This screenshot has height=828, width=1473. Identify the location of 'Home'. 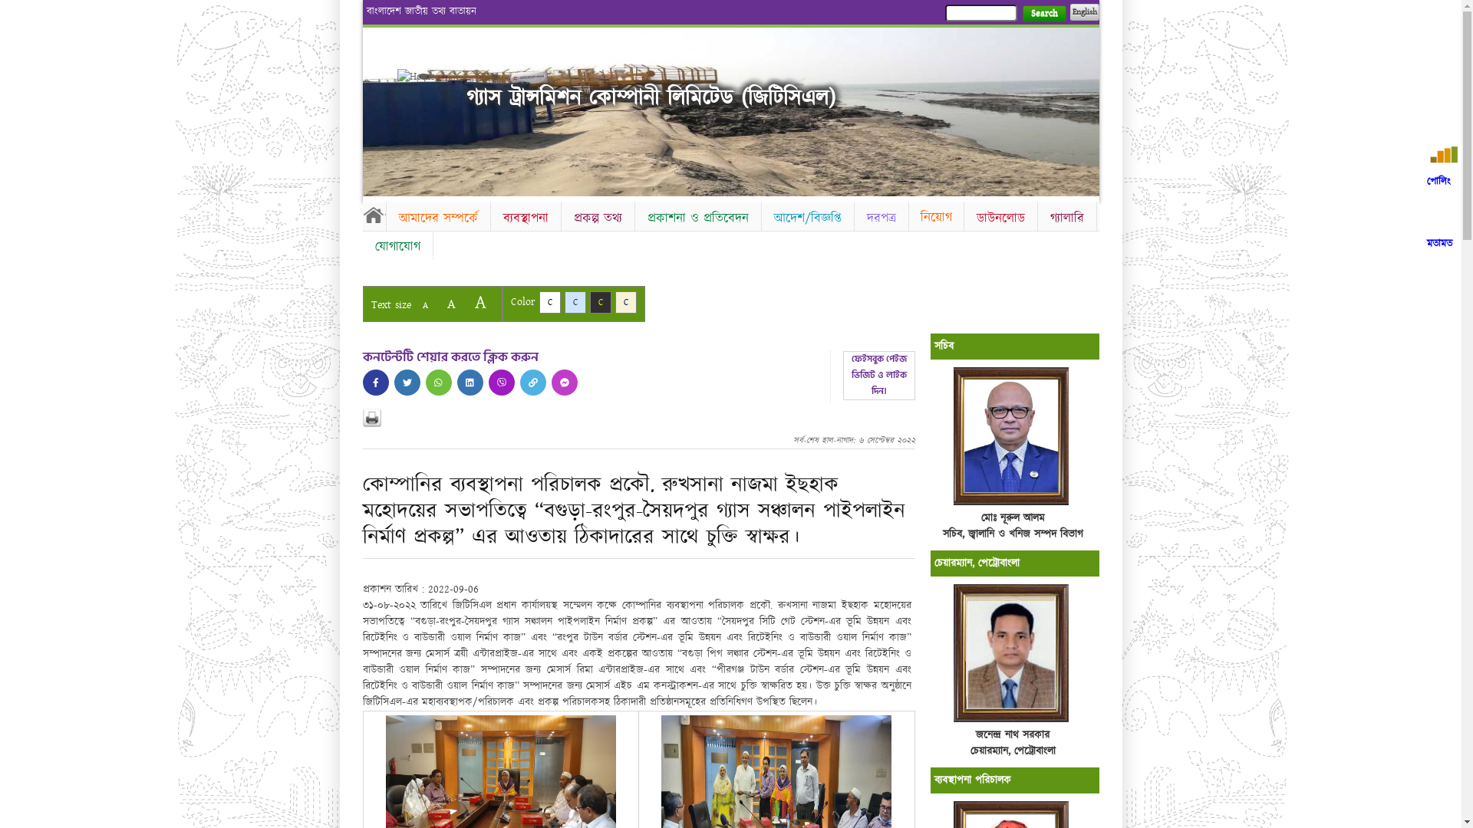
(373, 215).